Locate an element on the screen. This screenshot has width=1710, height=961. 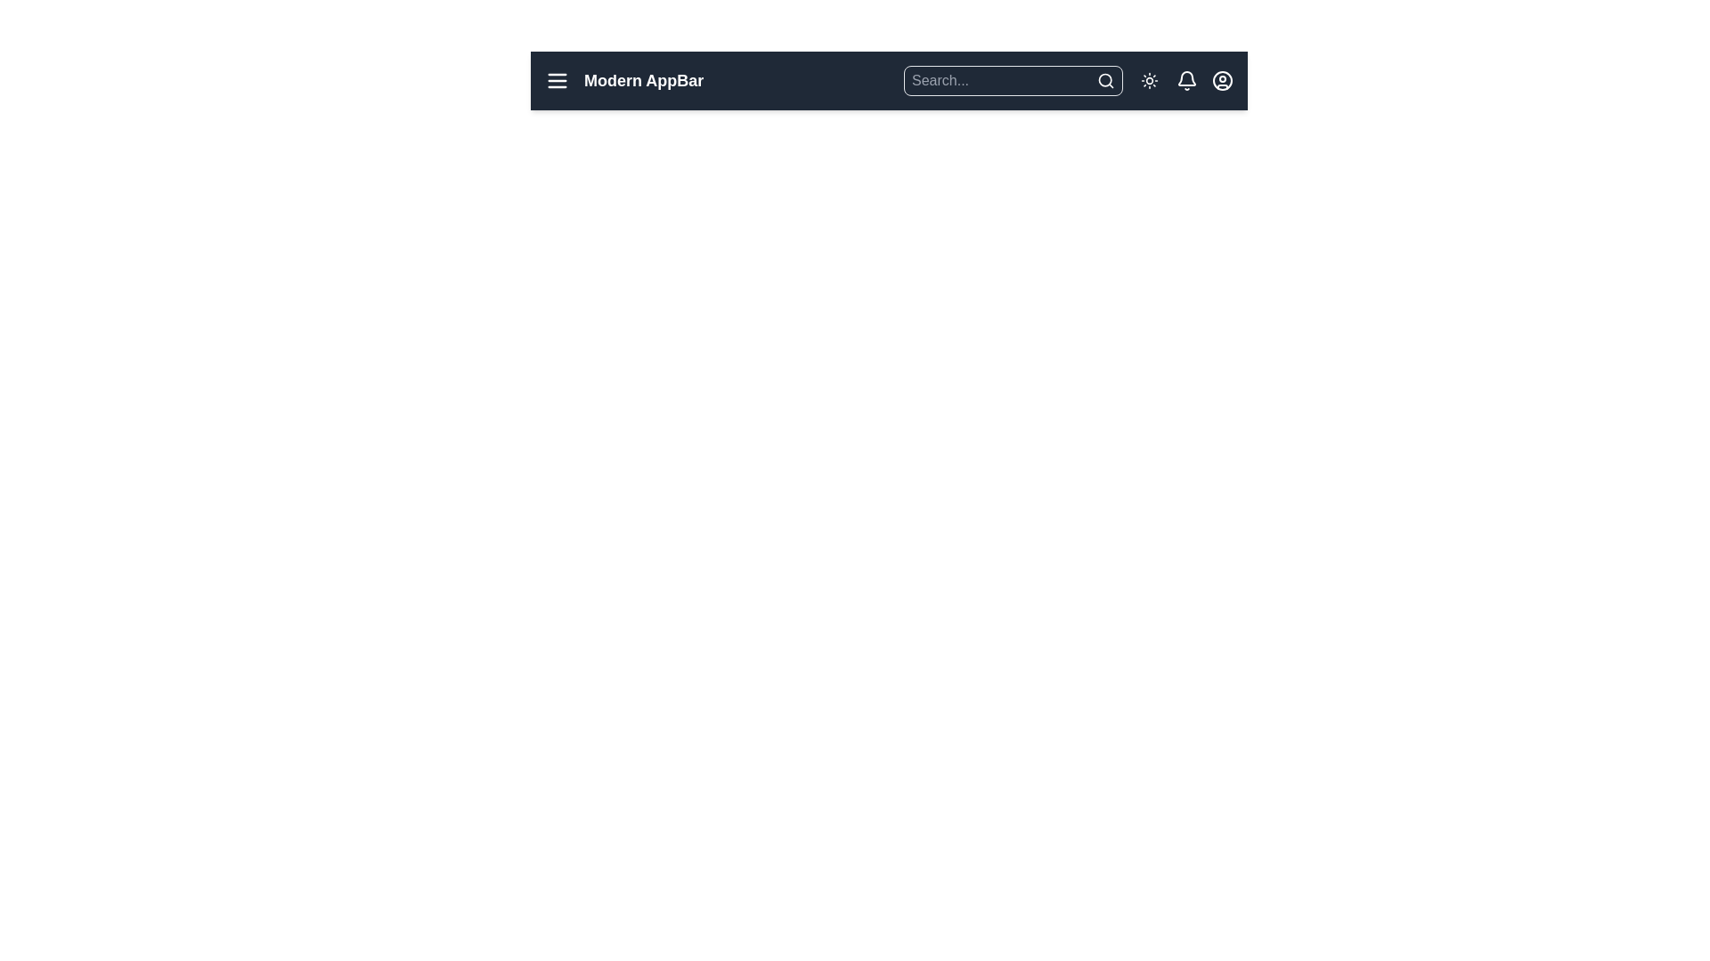
the dark mode toggle button to switch between dark and light modes is located at coordinates (1150, 81).